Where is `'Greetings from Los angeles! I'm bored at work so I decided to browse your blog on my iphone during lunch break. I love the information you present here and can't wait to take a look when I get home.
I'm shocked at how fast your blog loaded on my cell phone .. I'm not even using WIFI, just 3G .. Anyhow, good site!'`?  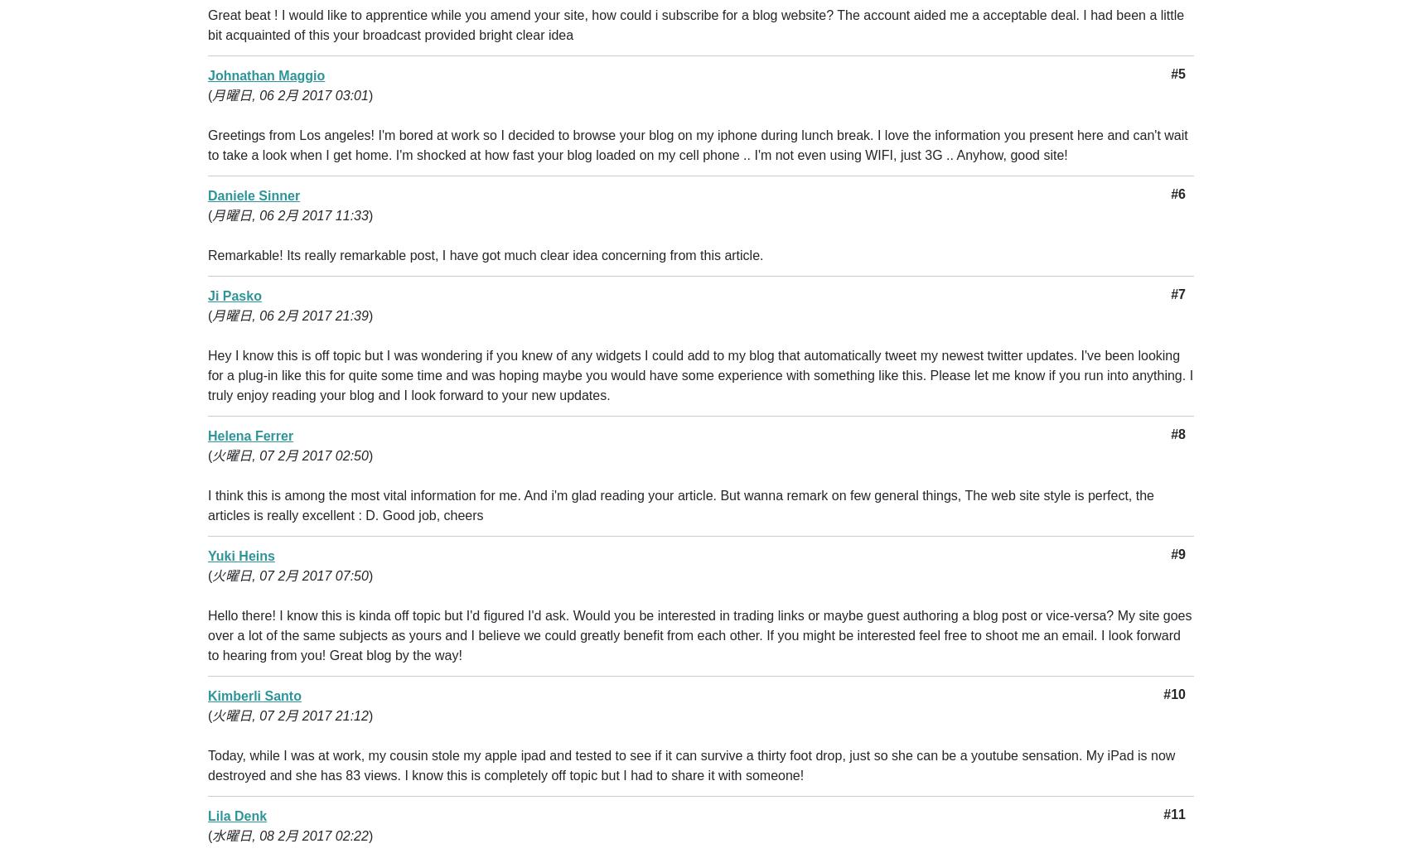 'Greetings from Los angeles! I'm bored at work so I decided to browse your blog on my iphone during lunch break. I love the information you present here and can't wait to take a look when I get home.
I'm shocked at how fast your blog loaded on my cell phone .. I'm not even using WIFI, just 3G .. Anyhow, good site!' is located at coordinates (697, 145).